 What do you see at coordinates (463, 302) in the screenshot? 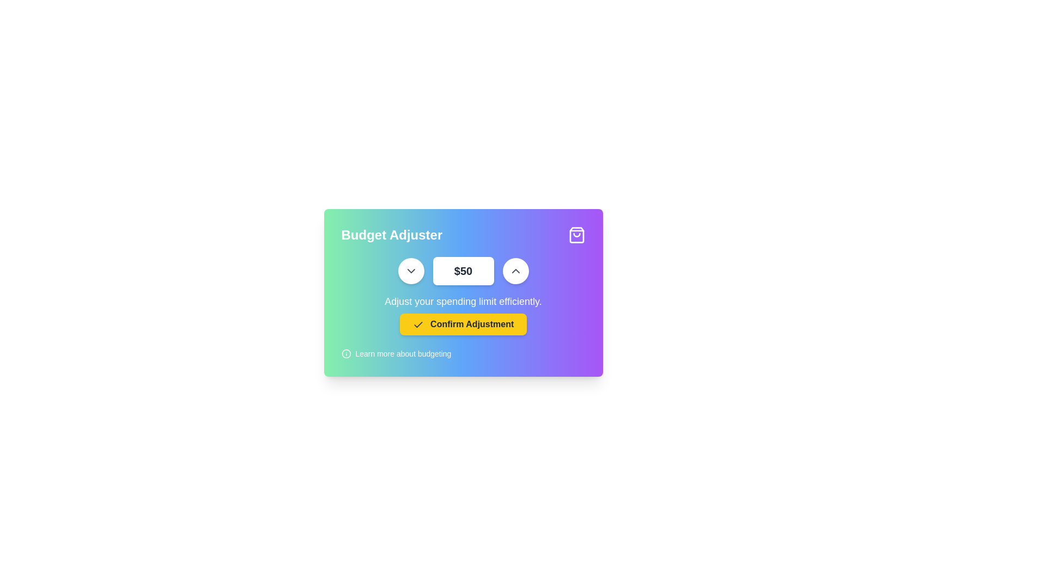
I see `the text label that contains the phrase 'Adjust your spending limit efficiently.' which is styled with white text against a gradient background, located below the '$50' value display and above the 'Confirm Adjustment' button` at bounding box center [463, 302].